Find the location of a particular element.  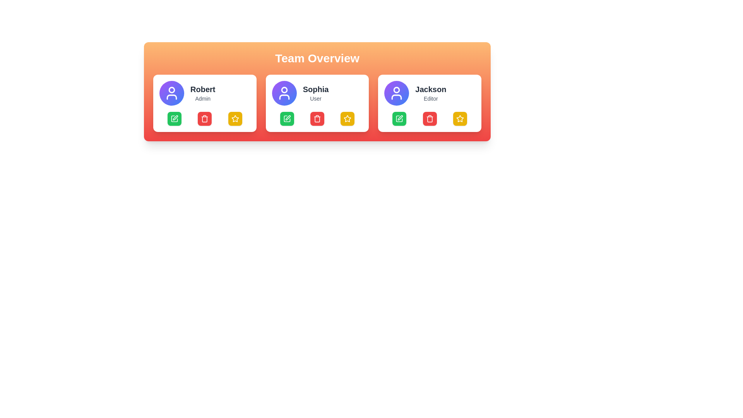

the Avatar Icon representing the user 'Jackson' in the 'Team Overview' section to interact with the associated user profile is located at coordinates (397, 93).